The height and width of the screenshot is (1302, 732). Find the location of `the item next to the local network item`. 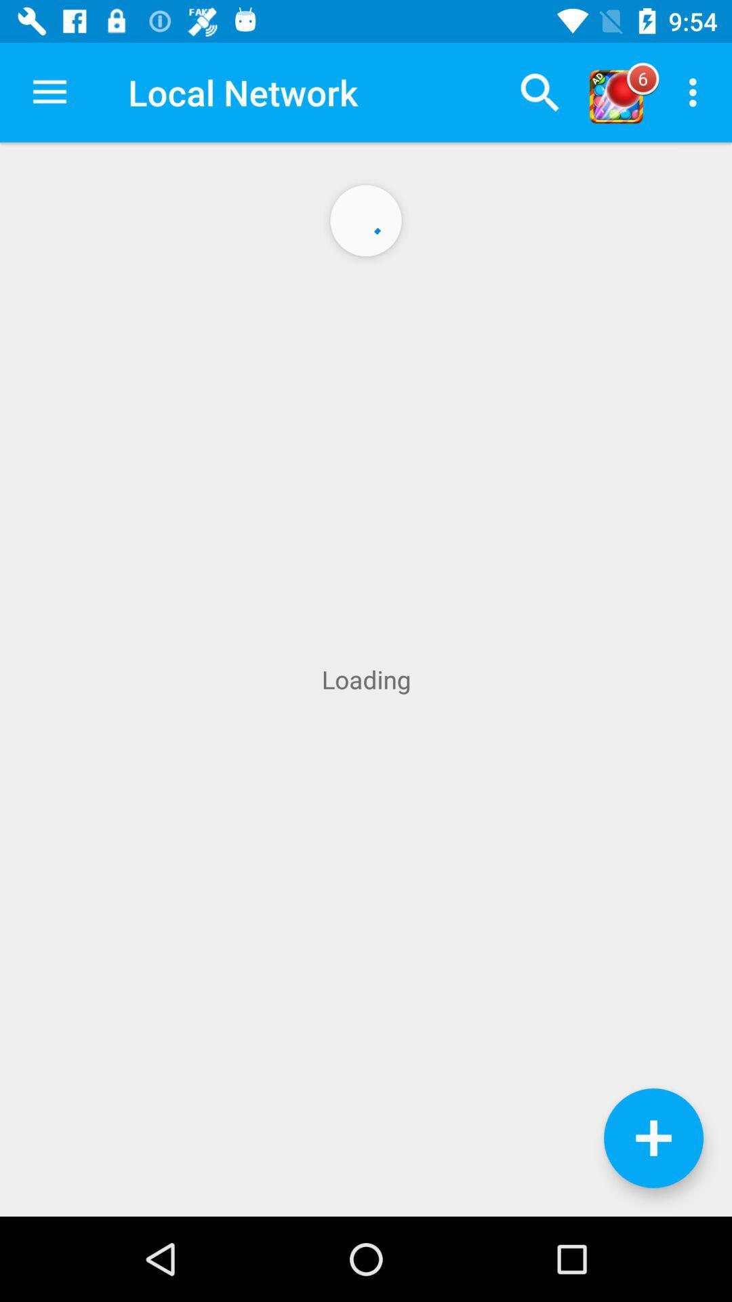

the item next to the local network item is located at coordinates (49, 92).